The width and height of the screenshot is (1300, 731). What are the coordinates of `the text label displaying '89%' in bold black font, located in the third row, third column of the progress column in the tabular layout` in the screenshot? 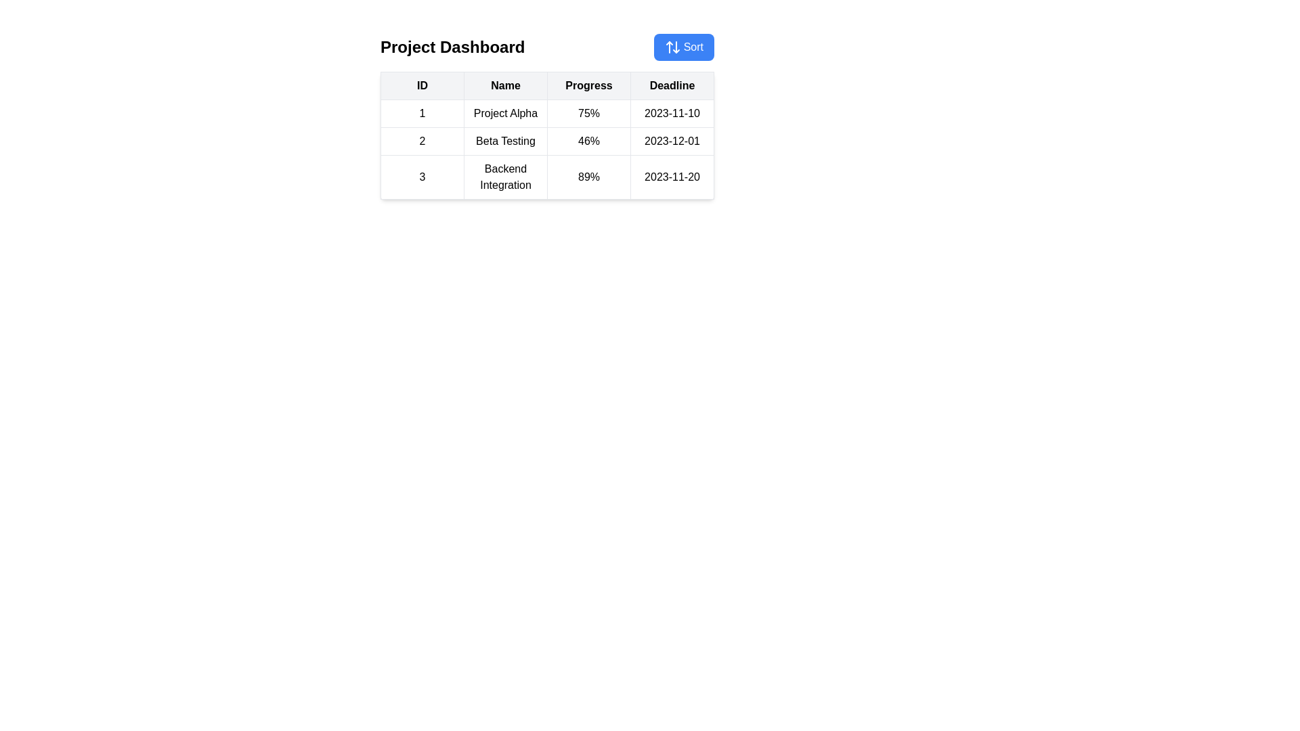 It's located at (588, 177).